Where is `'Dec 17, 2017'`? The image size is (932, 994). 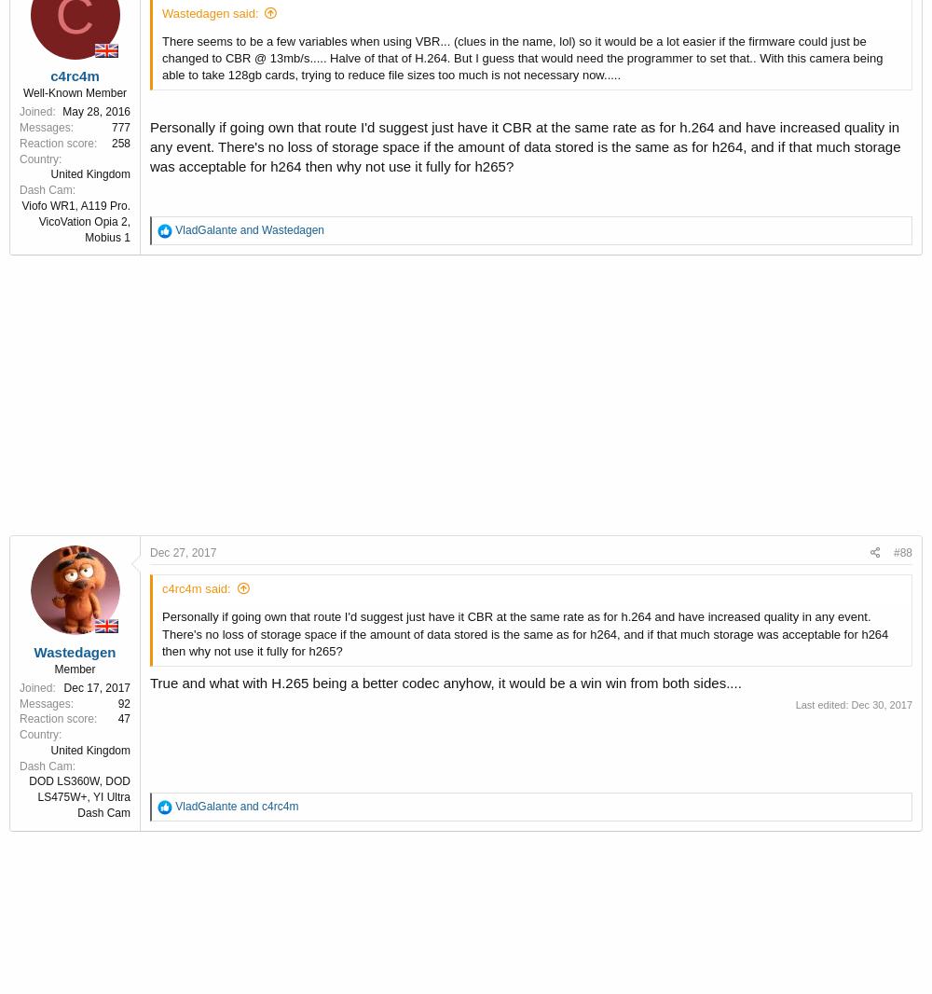
'Dec 17, 2017' is located at coordinates (96, 686).